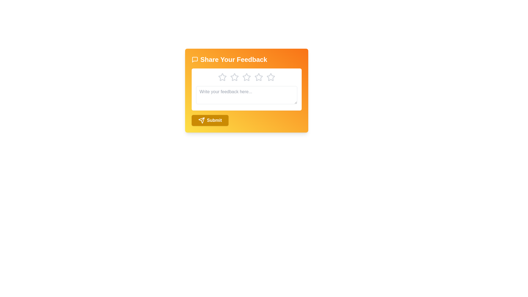  What do you see at coordinates (258, 77) in the screenshot?
I see `the third star icon in the rating component to register a user rating` at bounding box center [258, 77].